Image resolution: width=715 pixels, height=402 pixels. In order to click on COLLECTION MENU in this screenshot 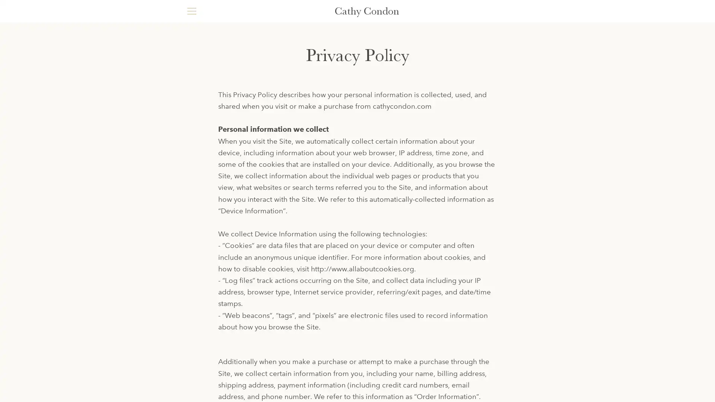, I will do `click(357, 63)`.